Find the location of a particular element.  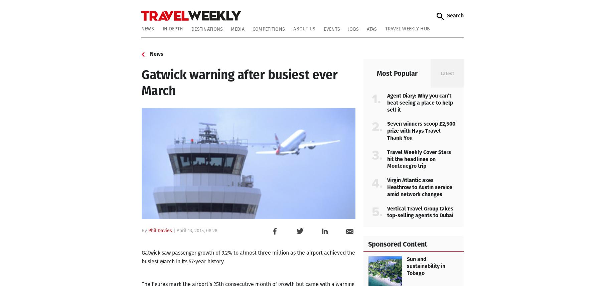

'Oct 27 2023, 13:36' is located at coordinates (399, 196).